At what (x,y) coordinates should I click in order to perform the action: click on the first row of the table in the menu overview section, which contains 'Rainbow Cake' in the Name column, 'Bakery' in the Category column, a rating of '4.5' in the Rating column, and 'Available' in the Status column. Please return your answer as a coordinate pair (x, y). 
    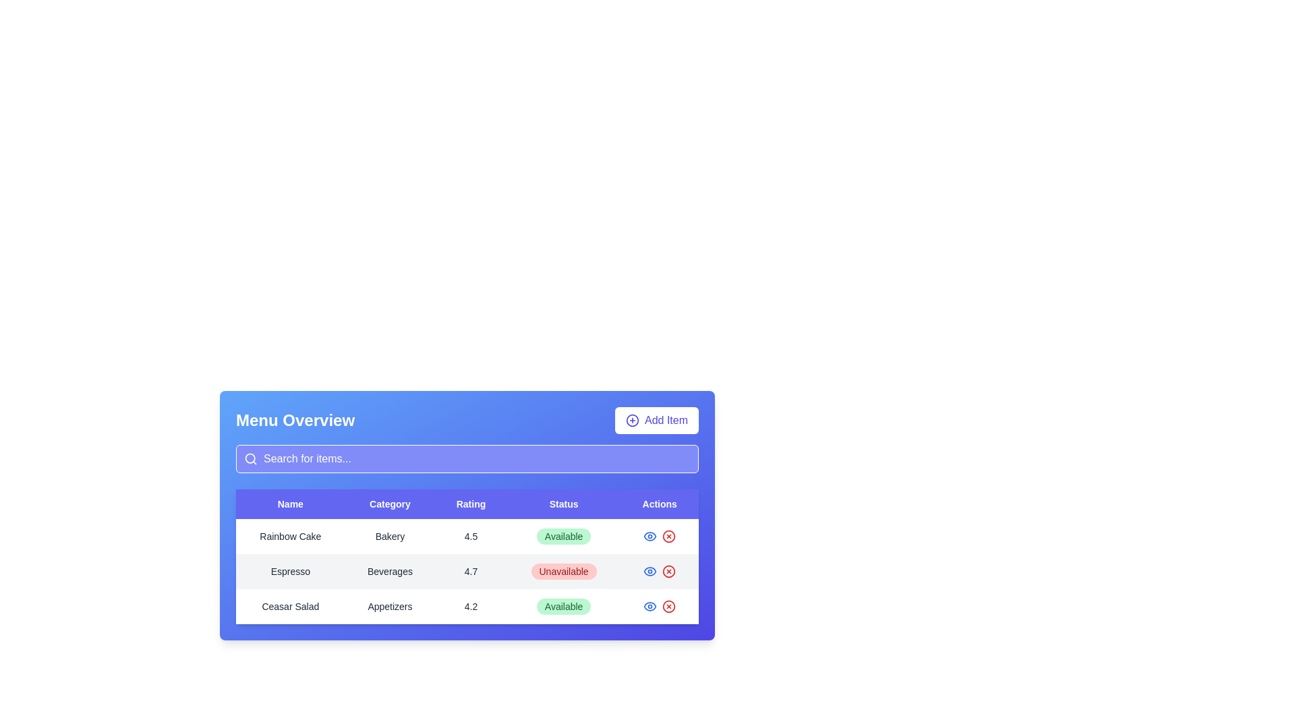
    Looking at the image, I should click on (467, 535).